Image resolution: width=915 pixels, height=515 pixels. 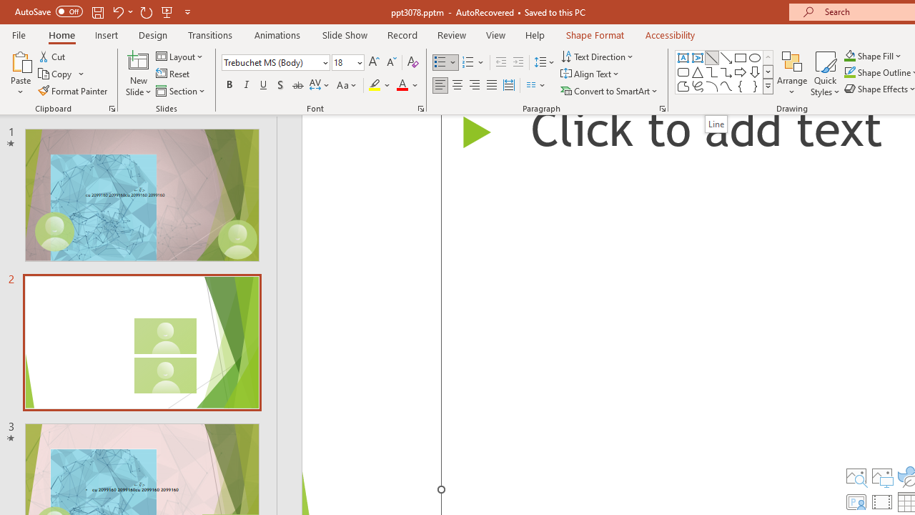 What do you see at coordinates (229, 85) in the screenshot?
I see `'Bold'` at bounding box center [229, 85].